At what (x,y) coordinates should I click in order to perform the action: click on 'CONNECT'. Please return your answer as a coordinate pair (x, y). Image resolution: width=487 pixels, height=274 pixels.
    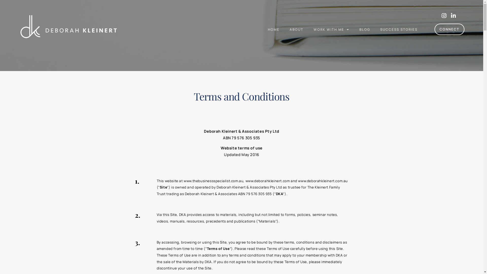
    Looking at the image, I should click on (449, 29).